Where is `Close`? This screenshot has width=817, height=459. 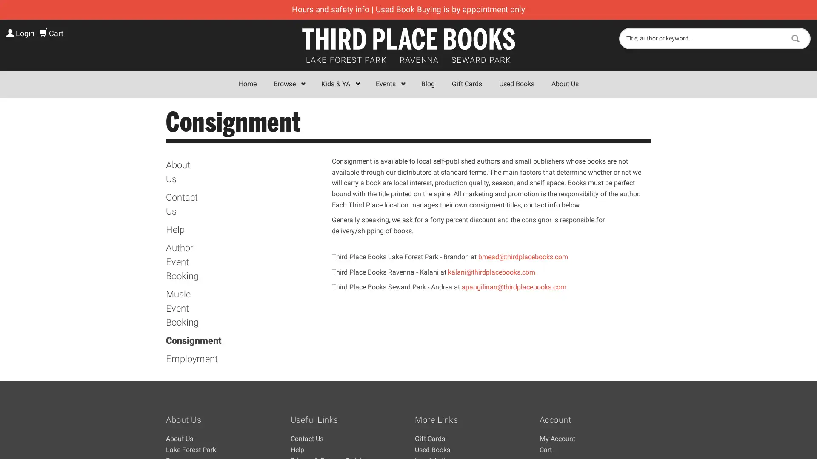
Close is located at coordinates (532, 125).